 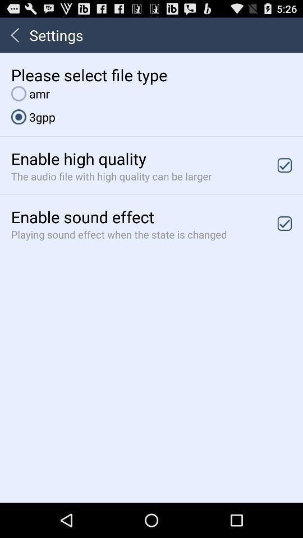 What do you see at coordinates (14, 35) in the screenshot?
I see `the icon next to settings item` at bounding box center [14, 35].